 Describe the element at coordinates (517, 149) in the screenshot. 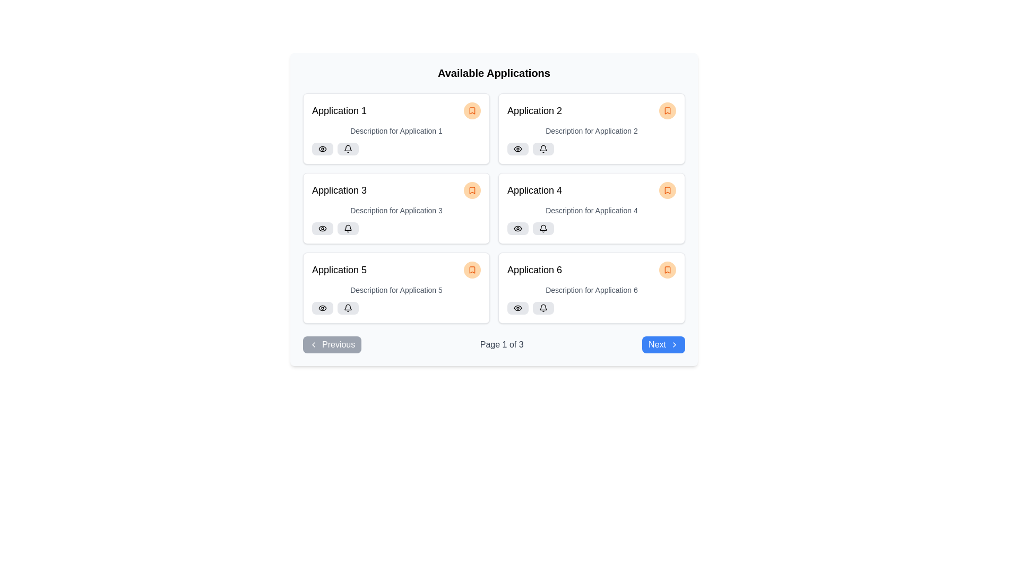

I see `the visibility toggle icon for 'Application 2'` at that location.